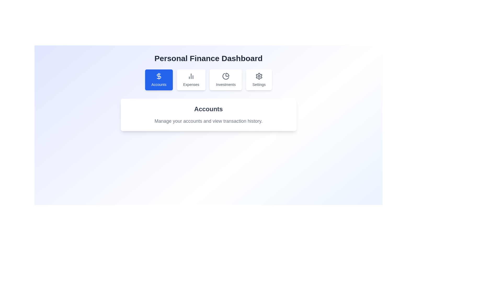 The height and width of the screenshot is (282, 502). What do you see at coordinates (191, 80) in the screenshot?
I see `the second button in the horizontal navigation bar, which leads to the 'Expenses' section` at bounding box center [191, 80].